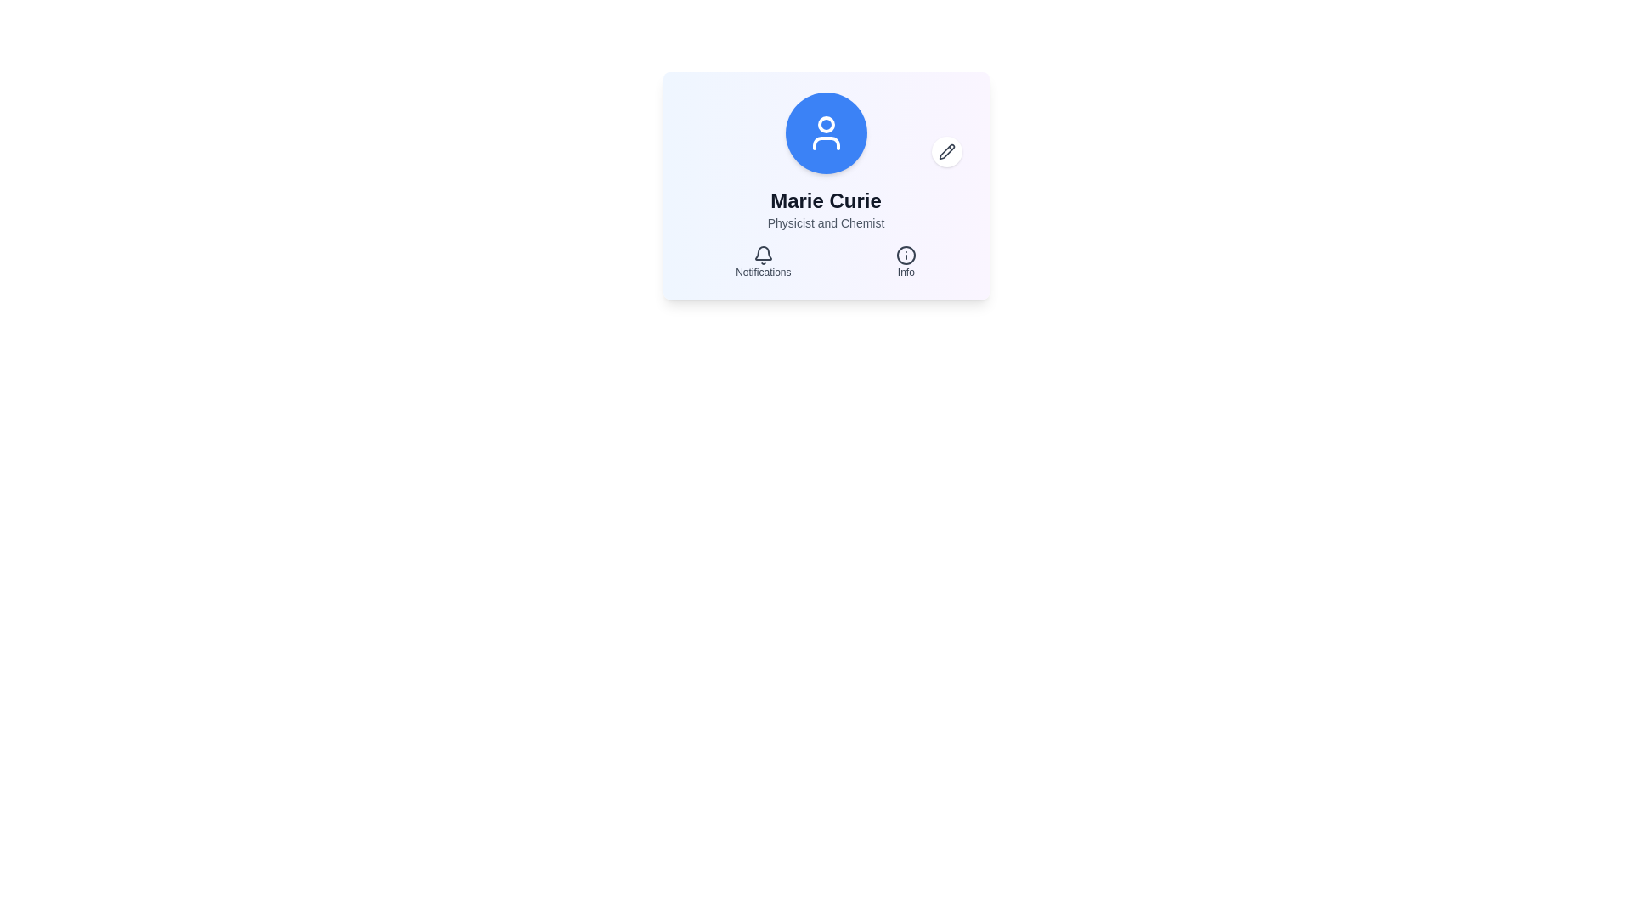 The image size is (1631, 917). Describe the element at coordinates (826, 143) in the screenshot. I see `the human figure representation within the user profile icon, located at the top of the card interface` at that location.